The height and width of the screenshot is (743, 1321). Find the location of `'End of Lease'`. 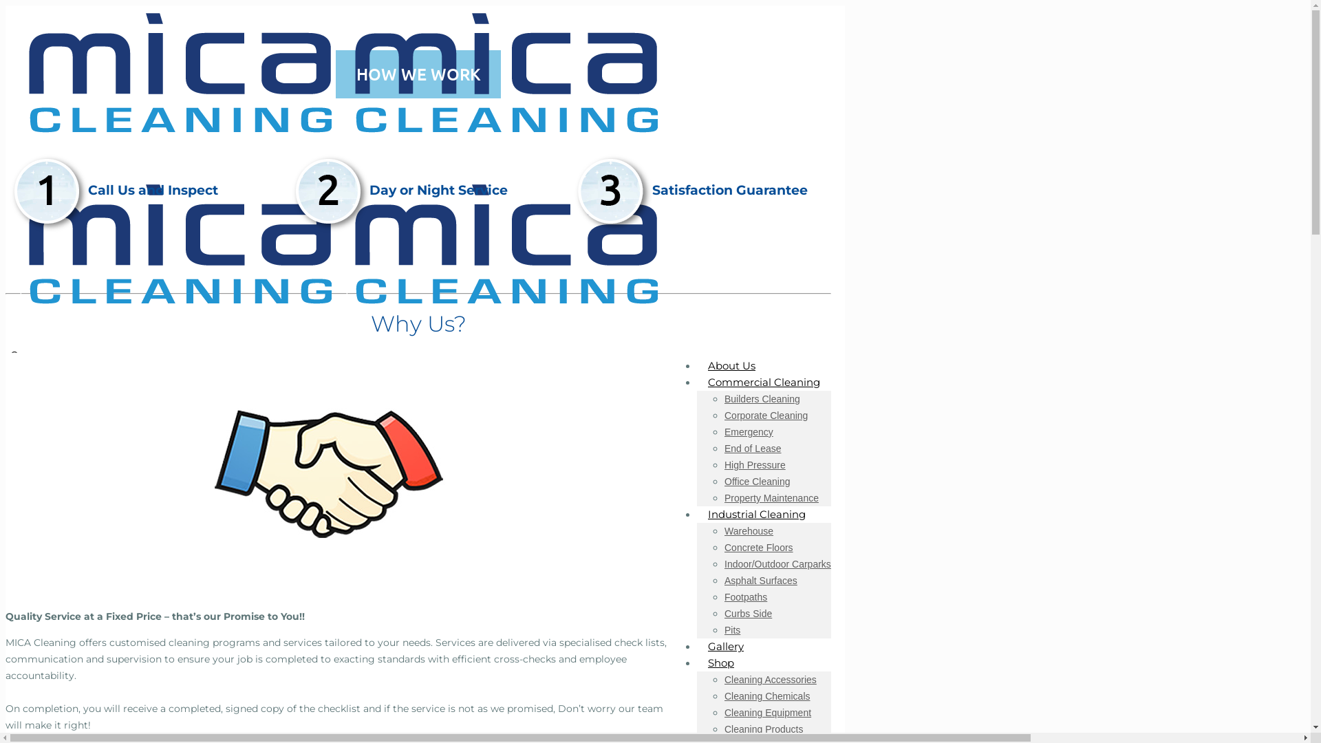

'End of Lease' is located at coordinates (752, 448).